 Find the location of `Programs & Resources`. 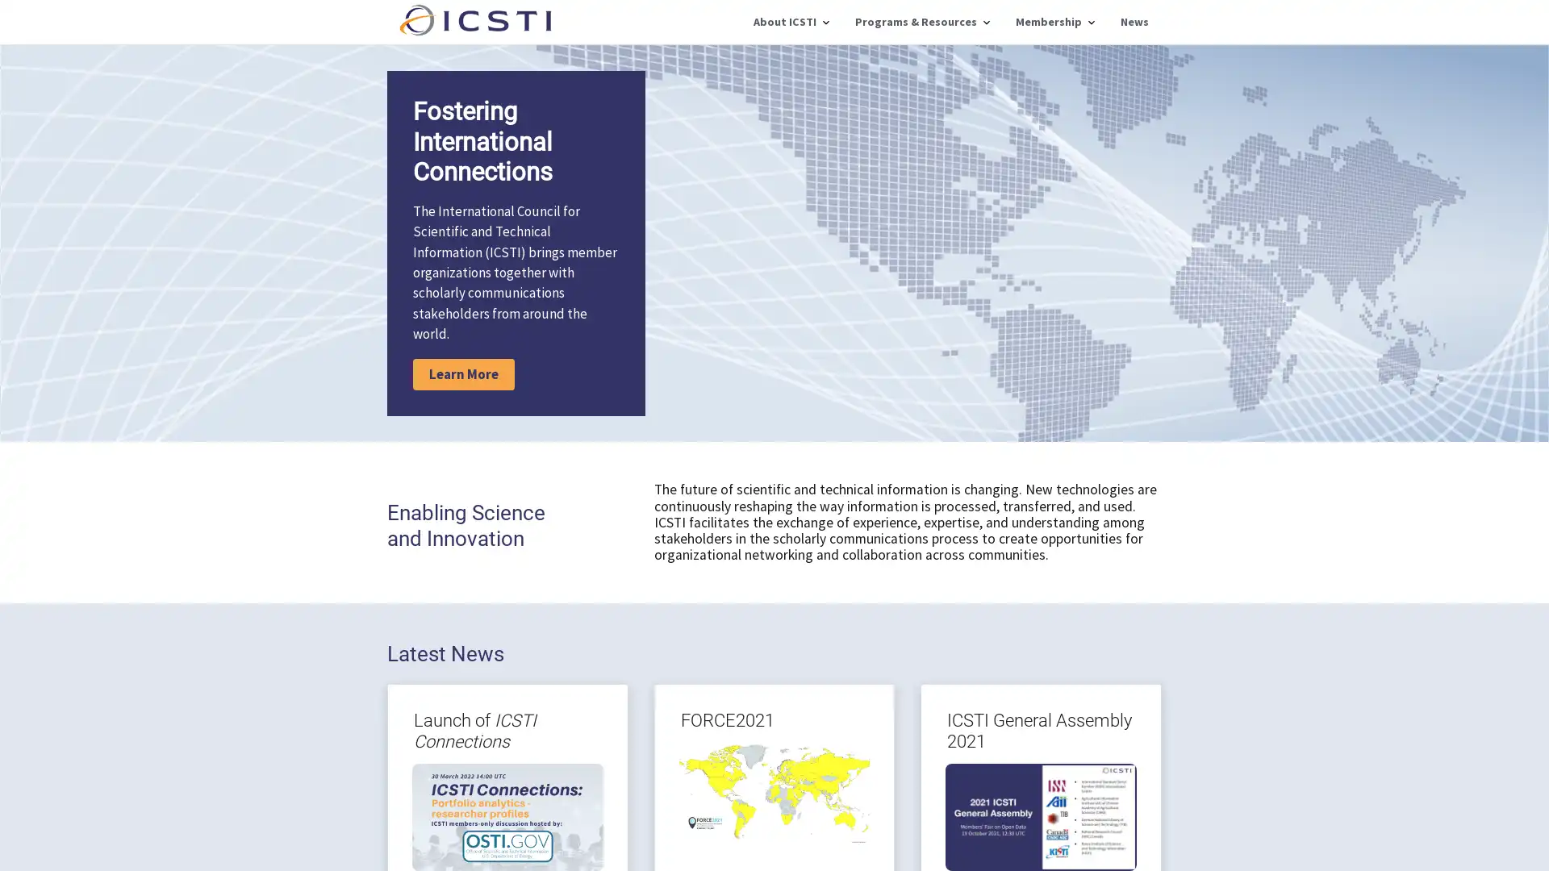

Programs & Resources is located at coordinates (922, 22).